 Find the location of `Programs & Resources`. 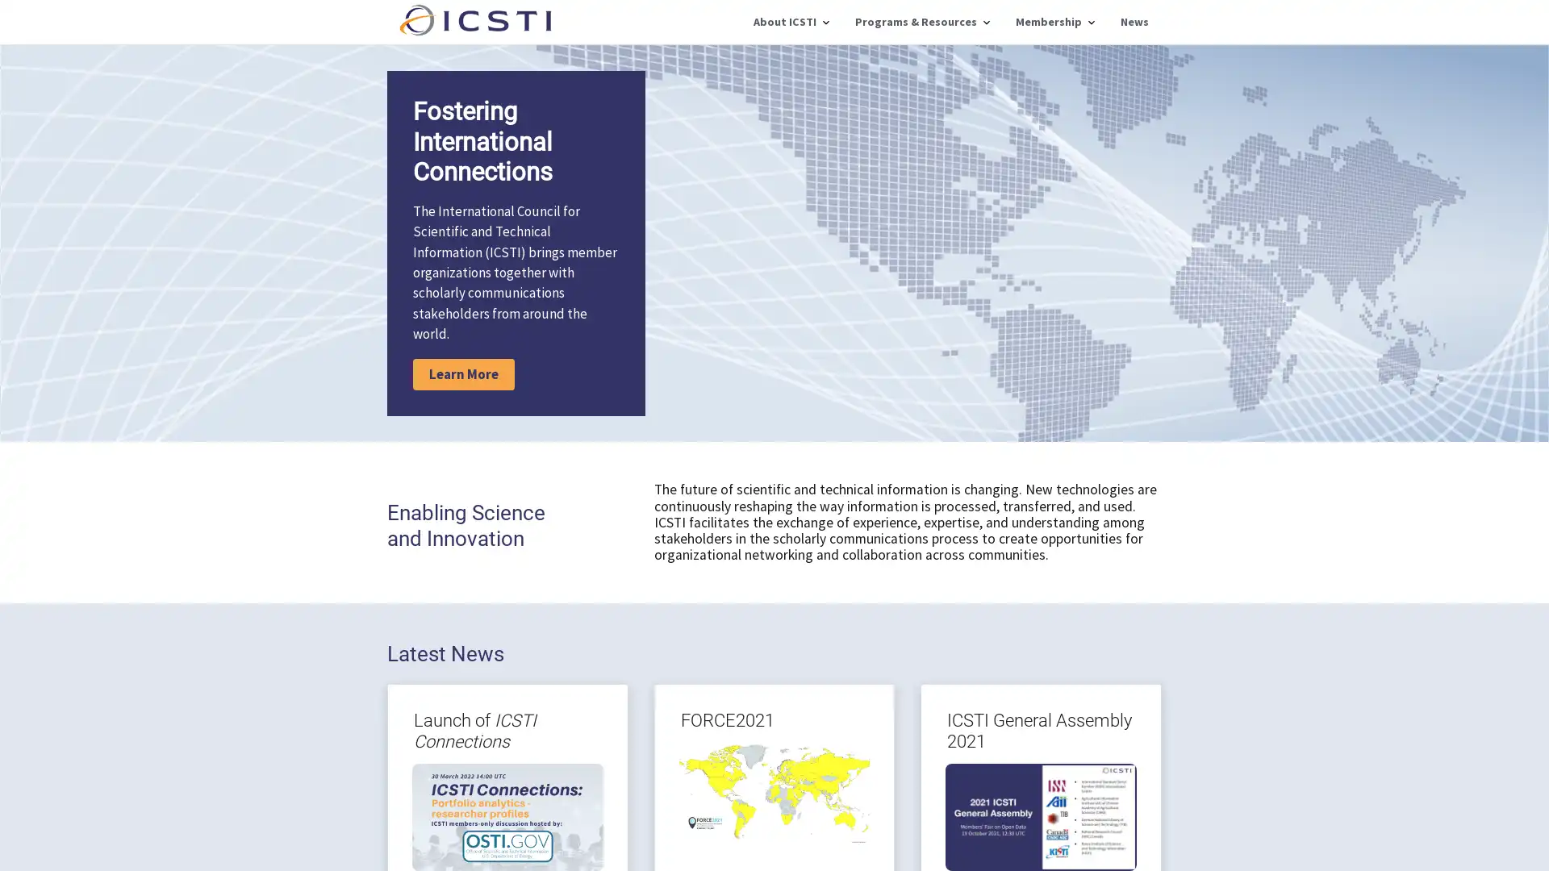

Programs & Resources is located at coordinates (922, 22).